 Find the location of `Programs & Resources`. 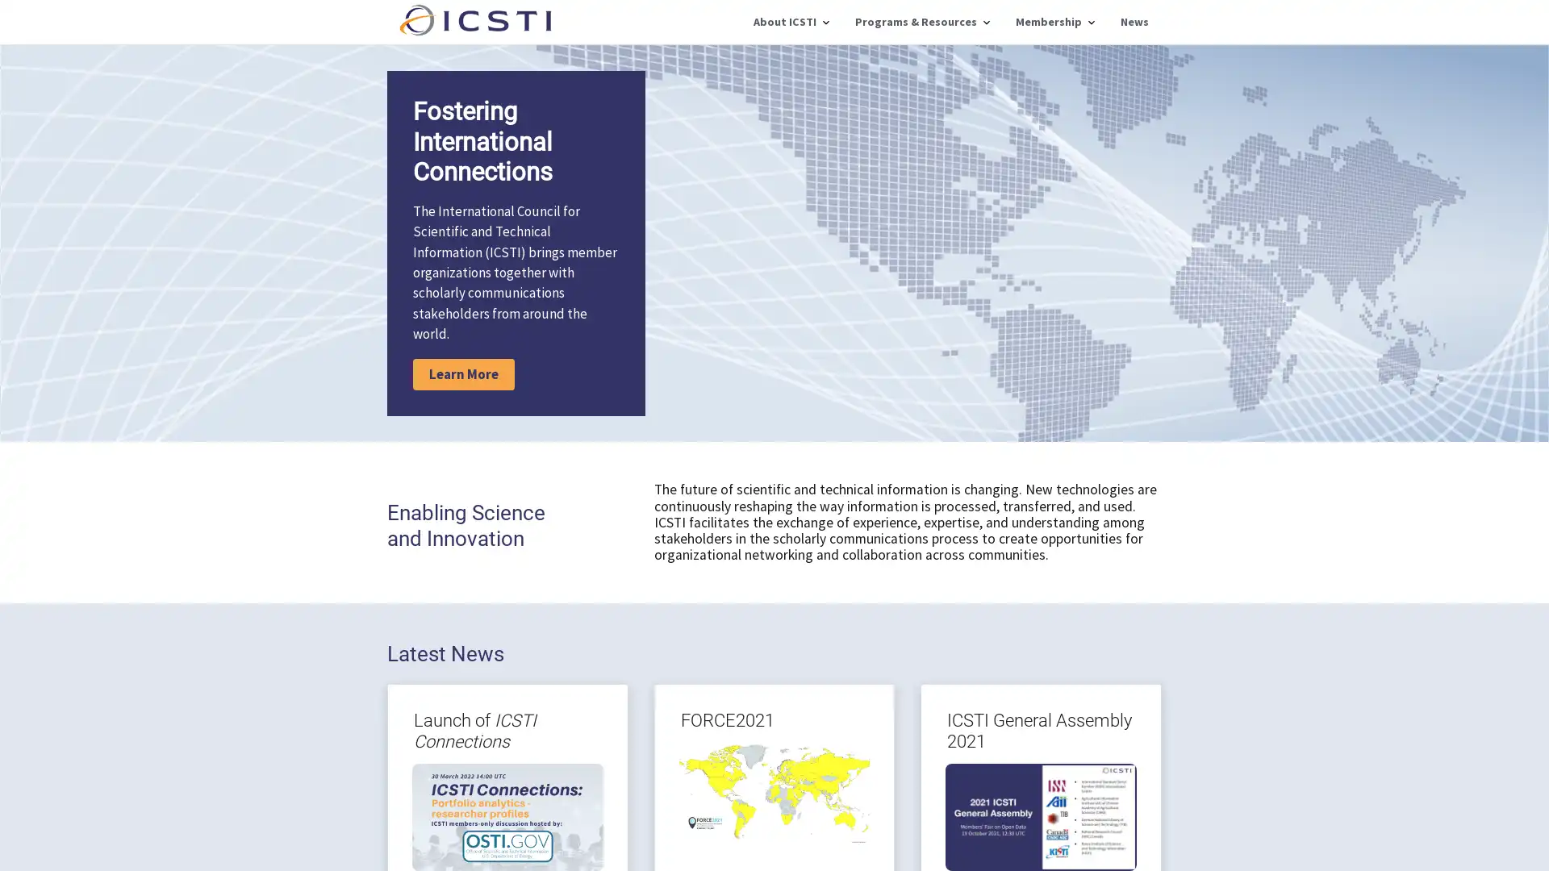

Programs & Resources is located at coordinates (922, 22).